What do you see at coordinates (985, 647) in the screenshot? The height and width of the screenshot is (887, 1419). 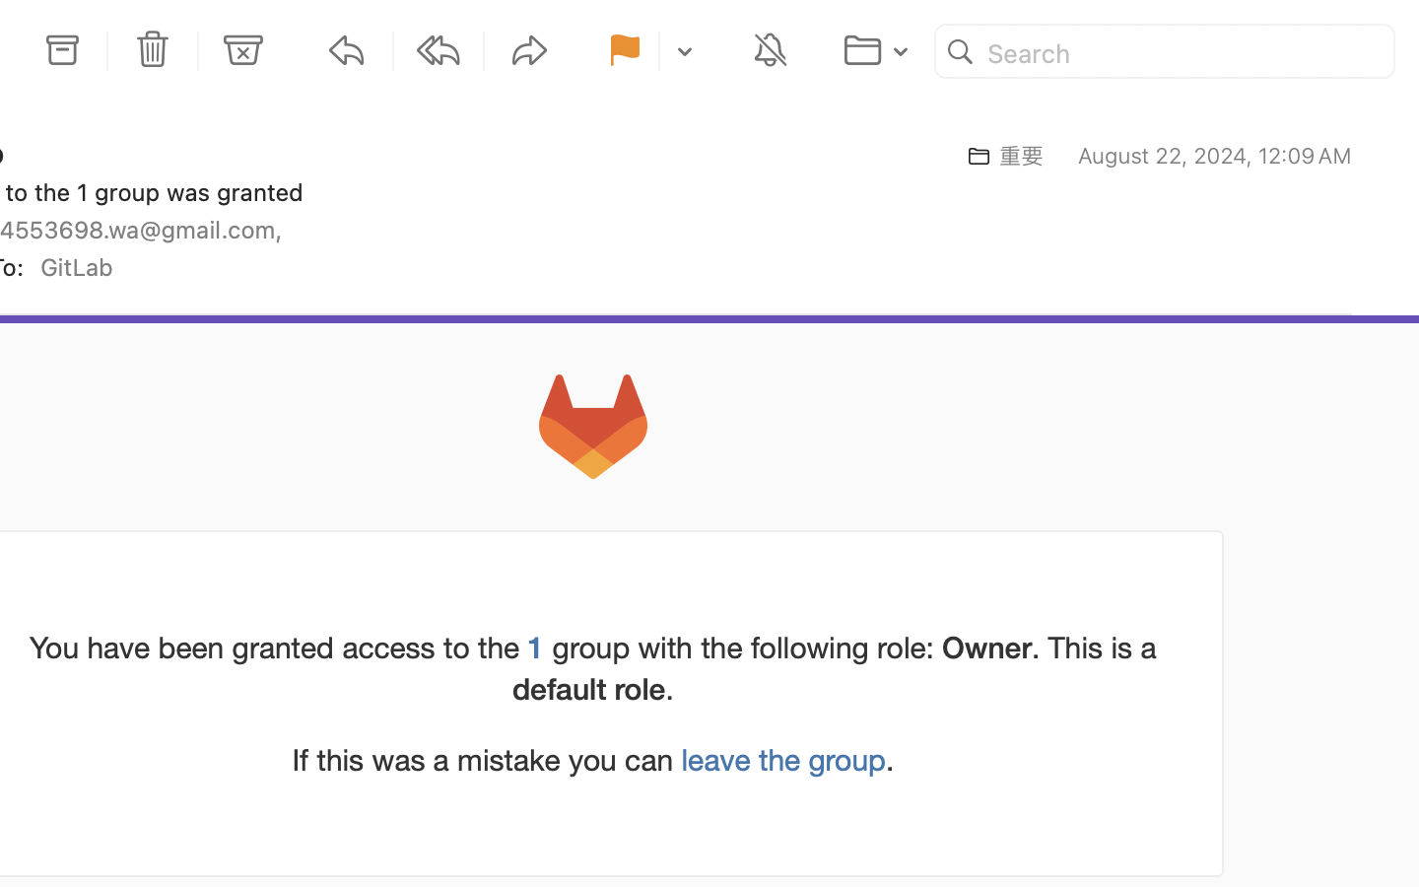 I see `'Owner'` at bounding box center [985, 647].